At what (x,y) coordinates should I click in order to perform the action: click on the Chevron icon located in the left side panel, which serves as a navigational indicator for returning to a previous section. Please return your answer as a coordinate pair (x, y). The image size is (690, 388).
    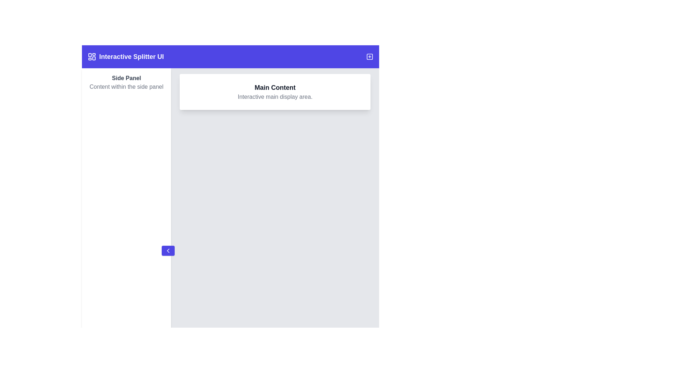
    Looking at the image, I should click on (168, 250).